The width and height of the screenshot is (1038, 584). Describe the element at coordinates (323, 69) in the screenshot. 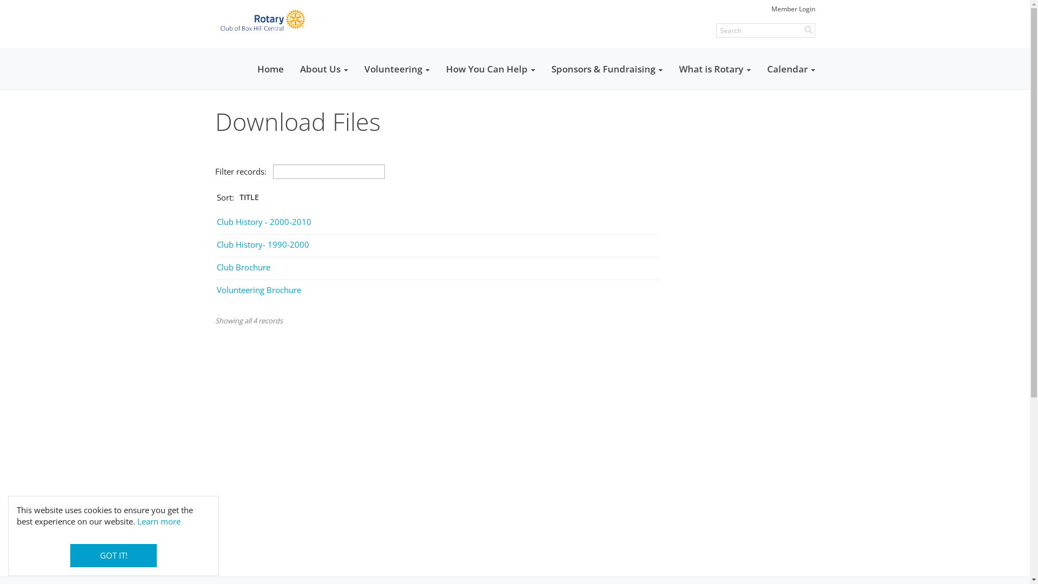

I see `'About Us'` at that location.